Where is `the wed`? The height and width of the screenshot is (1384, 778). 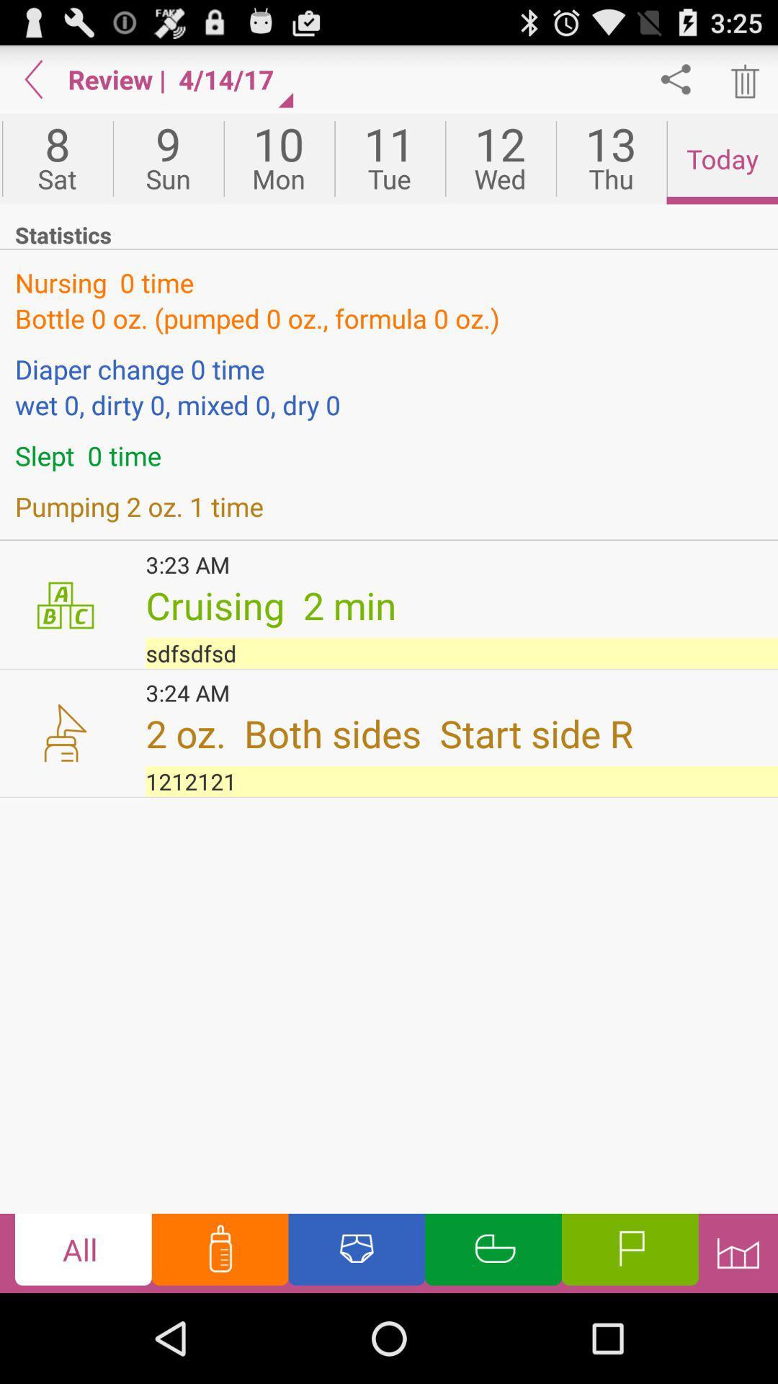 the wed is located at coordinates (499, 159).